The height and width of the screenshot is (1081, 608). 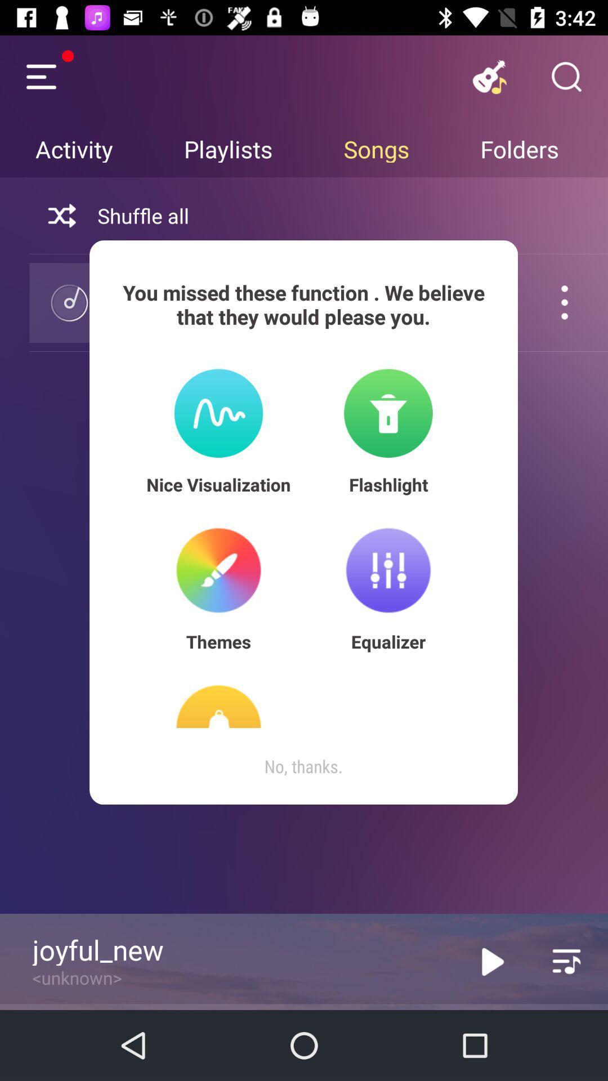 What do you see at coordinates (218, 641) in the screenshot?
I see `themes app` at bounding box center [218, 641].